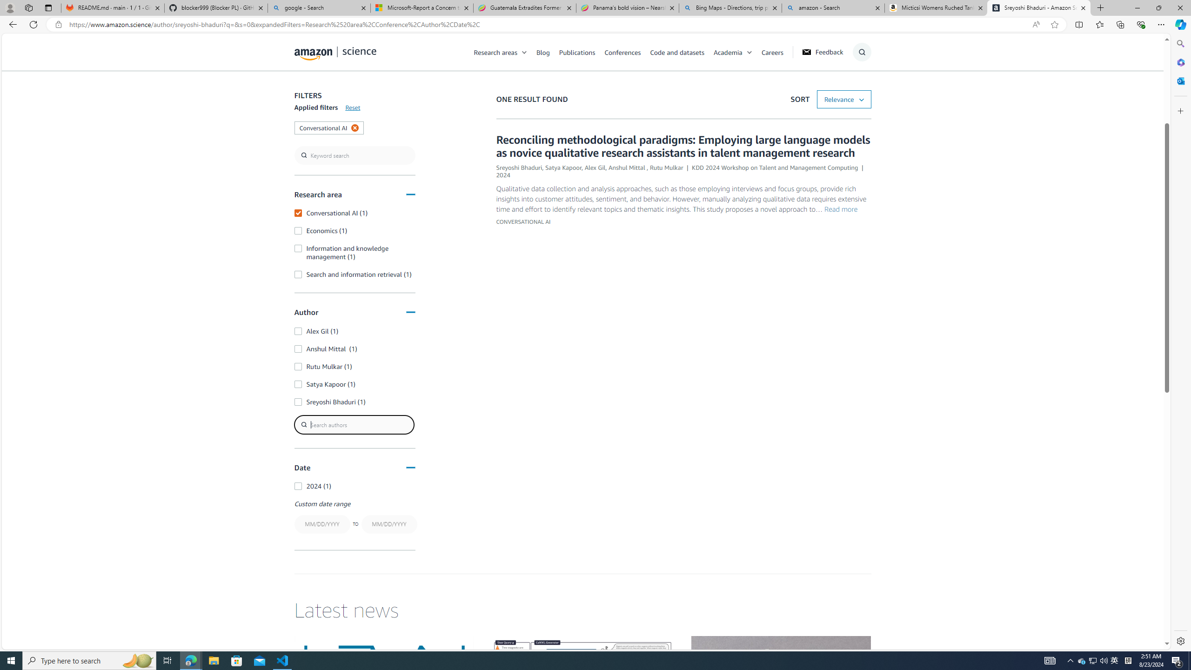 Image resolution: width=1191 pixels, height=670 pixels. Describe the element at coordinates (772, 52) in the screenshot. I see `'Careers'` at that location.